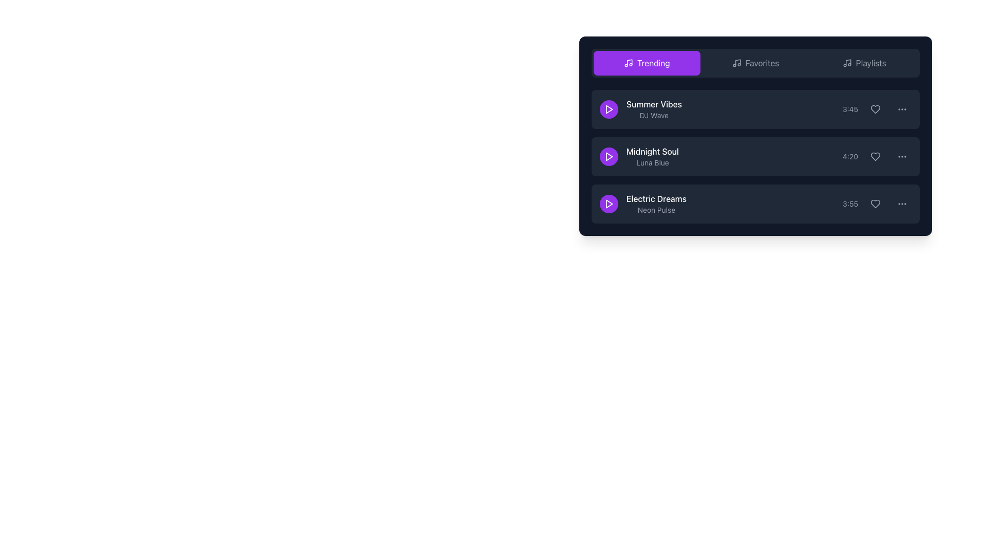 This screenshot has width=986, height=555. Describe the element at coordinates (901, 109) in the screenshot. I see `the gray ellipsis icon located on the right side of the first list item, near the song's duration display of '3:45'` at that location.